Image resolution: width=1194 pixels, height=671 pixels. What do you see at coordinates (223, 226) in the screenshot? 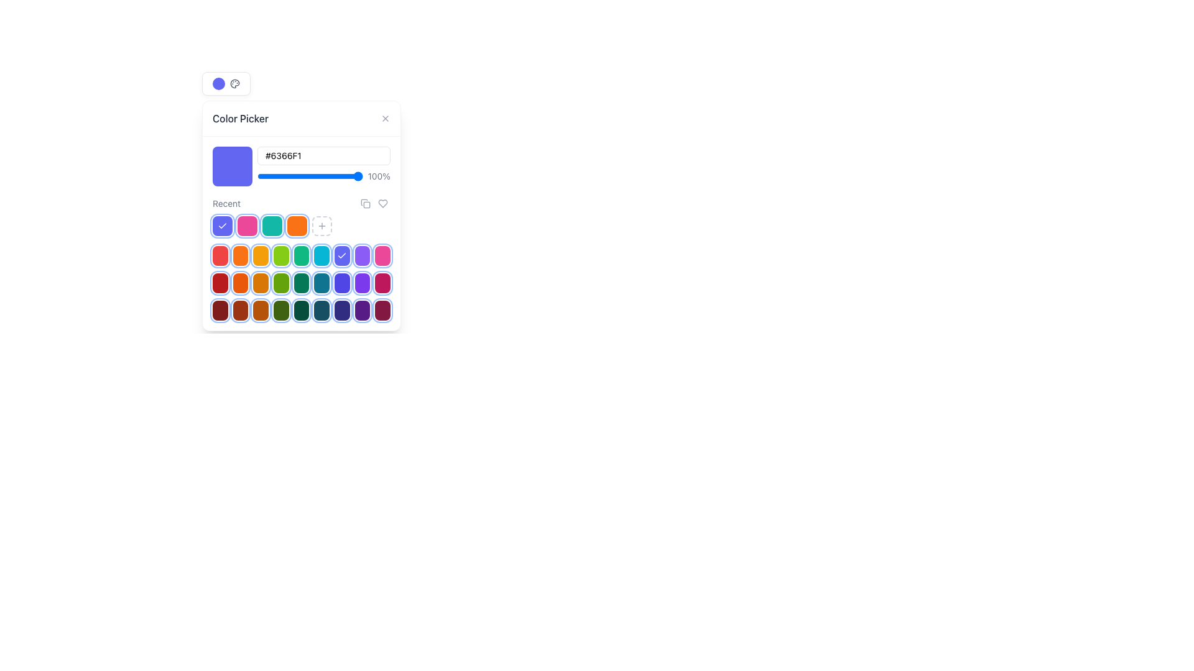
I see `the first square button with a rounded design and a white checkmark icon, located below the color picker dialog` at bounding box center [223, 226].